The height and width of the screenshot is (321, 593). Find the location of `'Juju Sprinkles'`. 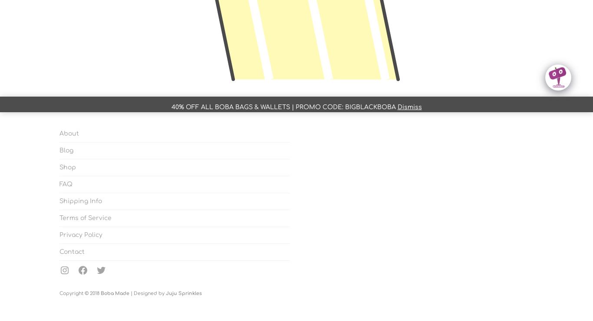

'Juju Sprinkles' is located at coordinates (165, 293).